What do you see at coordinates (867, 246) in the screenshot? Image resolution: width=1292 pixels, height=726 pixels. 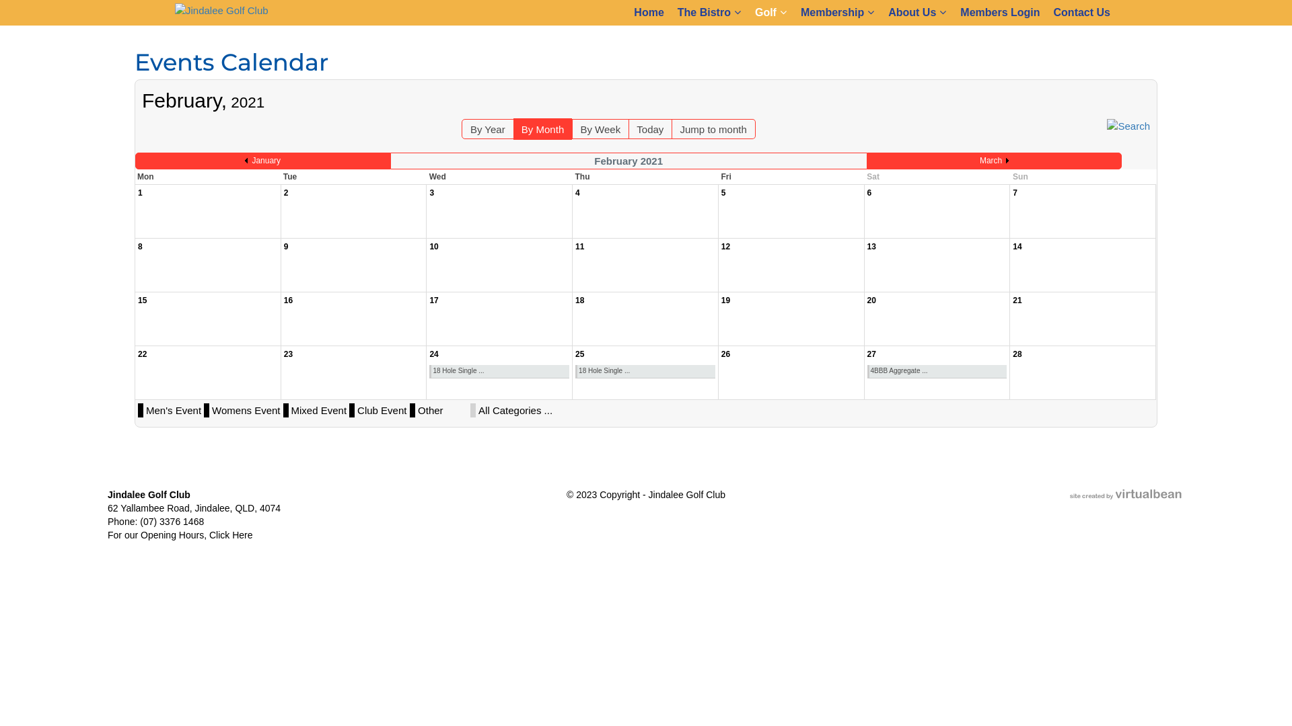 I see `'13'` at bounding box center [867, 246].